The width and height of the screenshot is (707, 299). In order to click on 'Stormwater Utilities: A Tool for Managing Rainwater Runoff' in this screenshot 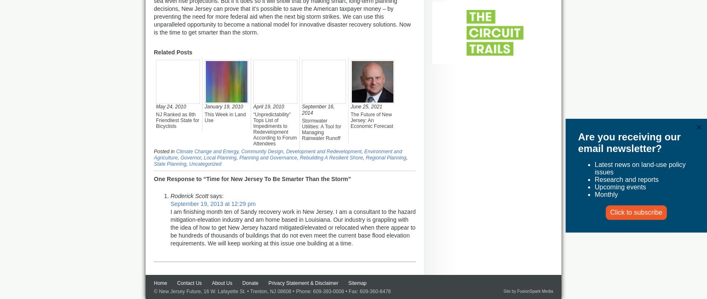, I will do `click(321, 129)`.